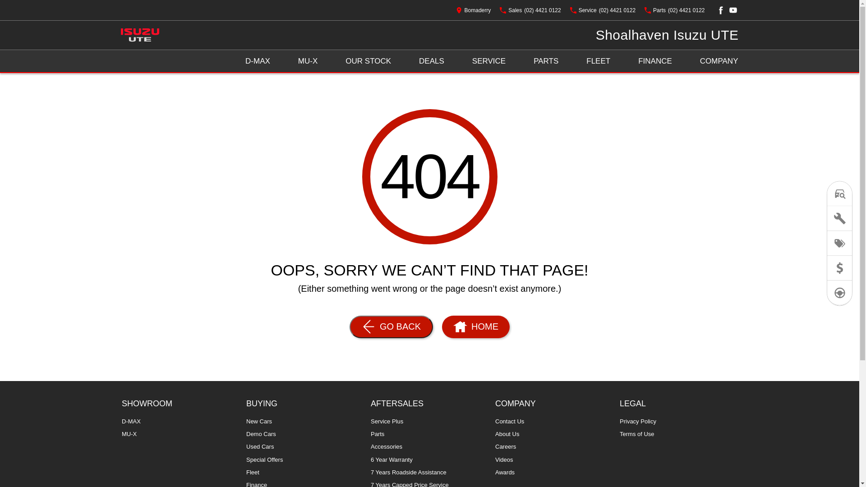  Describe the element at coordinates (431, 61) in the screenshot. I see `'DEALS'` at that location.